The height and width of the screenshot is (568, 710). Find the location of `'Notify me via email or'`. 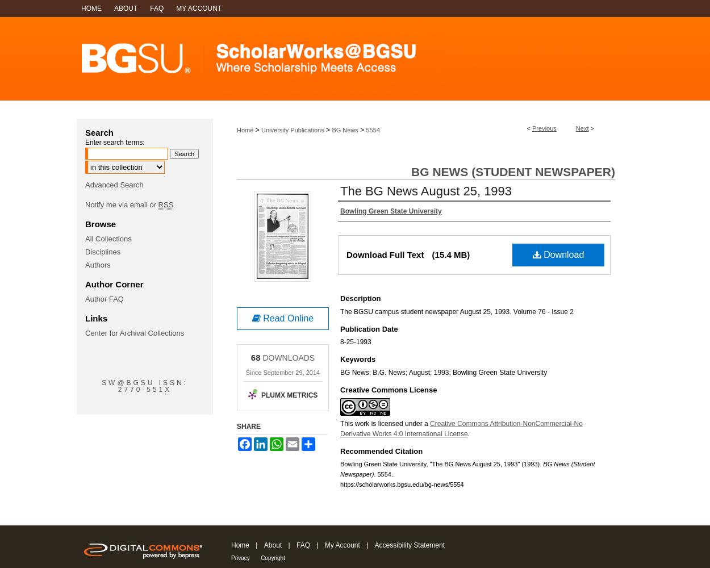

'Notify me via email or' is located at coordinates (121, 203).